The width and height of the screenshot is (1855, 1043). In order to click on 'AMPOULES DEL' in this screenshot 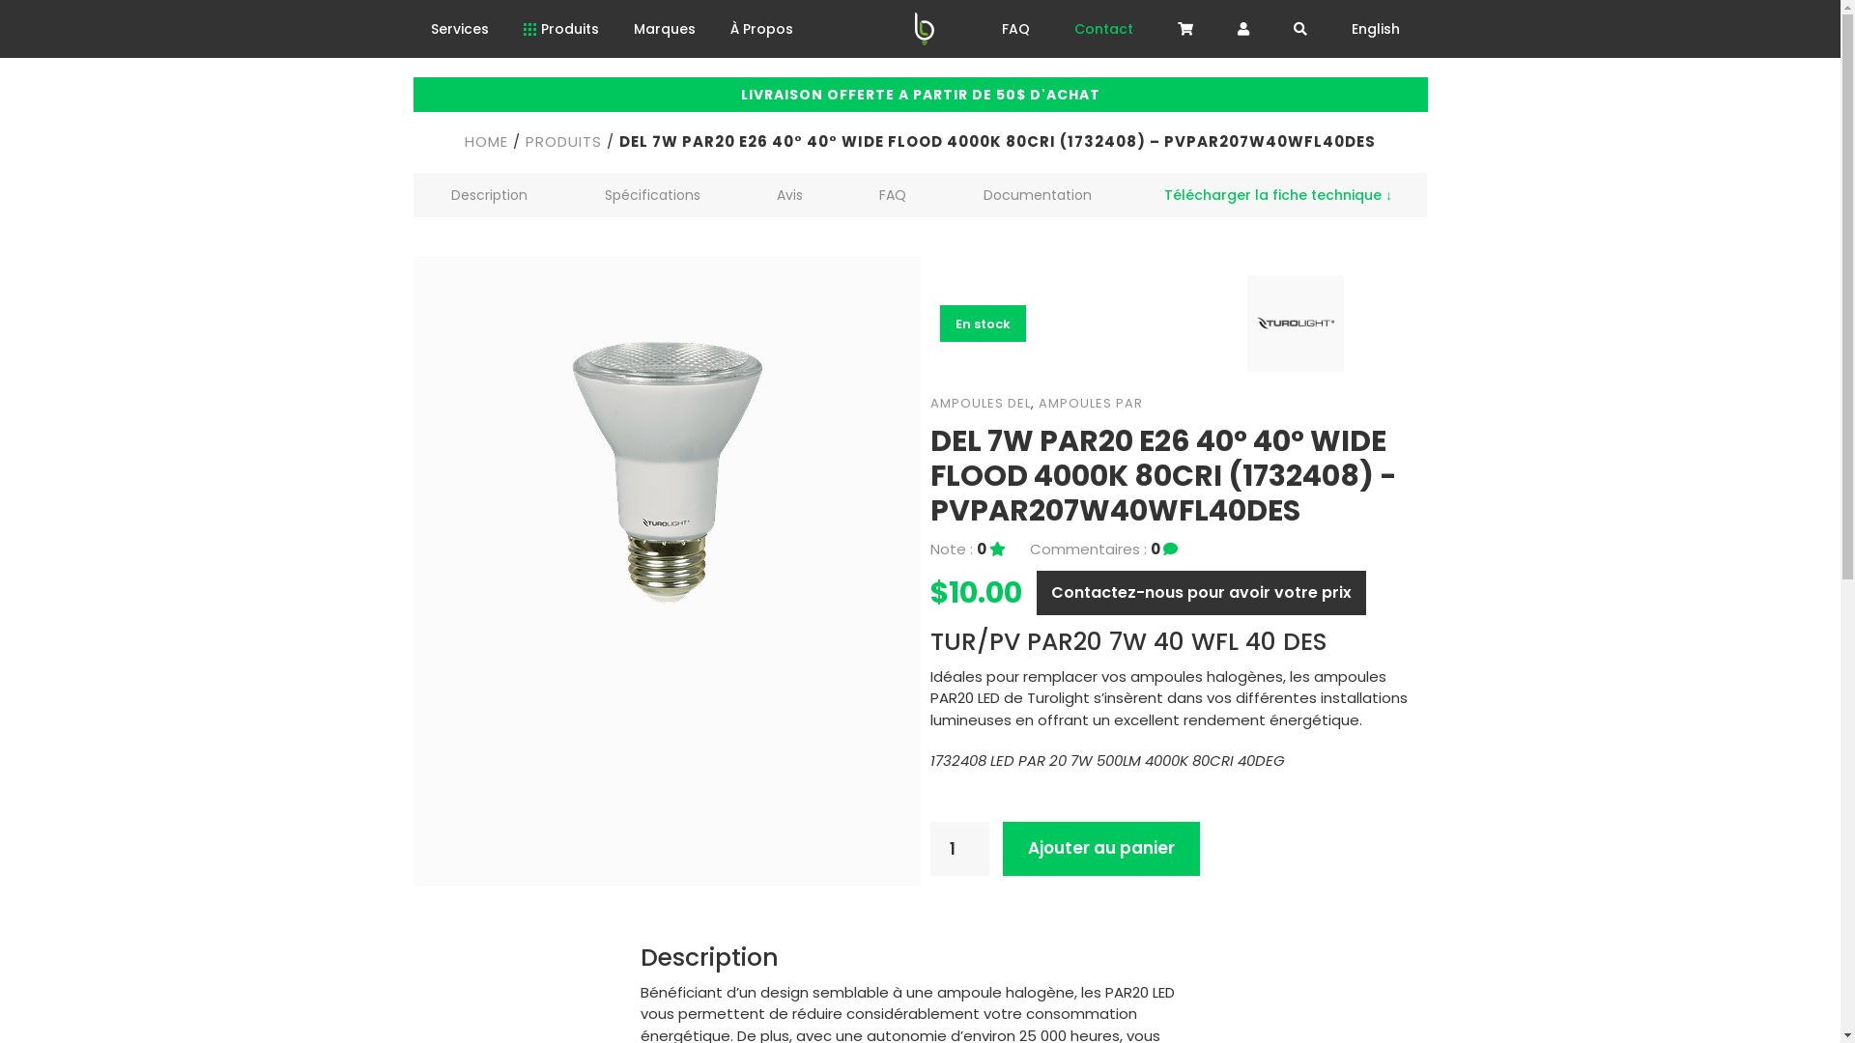, I will do `click(979, 402)`.